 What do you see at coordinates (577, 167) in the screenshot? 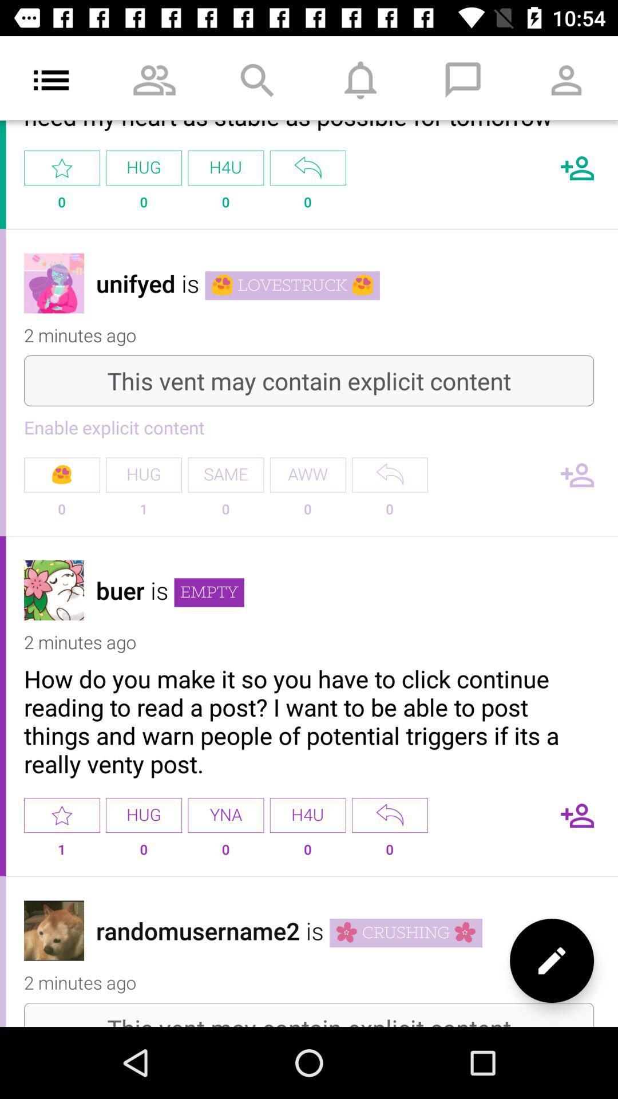
I see `friend` at bounding box center [577, 167].